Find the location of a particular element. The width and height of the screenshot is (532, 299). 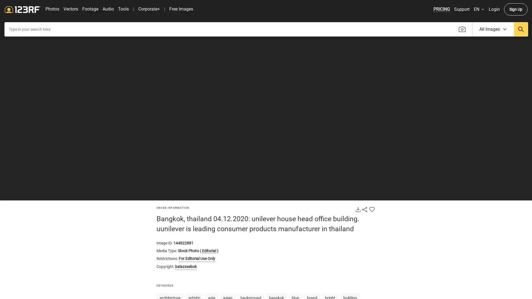

FACEBOOK_STORY Facebook story 1080 x 1920 px is located at coordinates (510, 221).